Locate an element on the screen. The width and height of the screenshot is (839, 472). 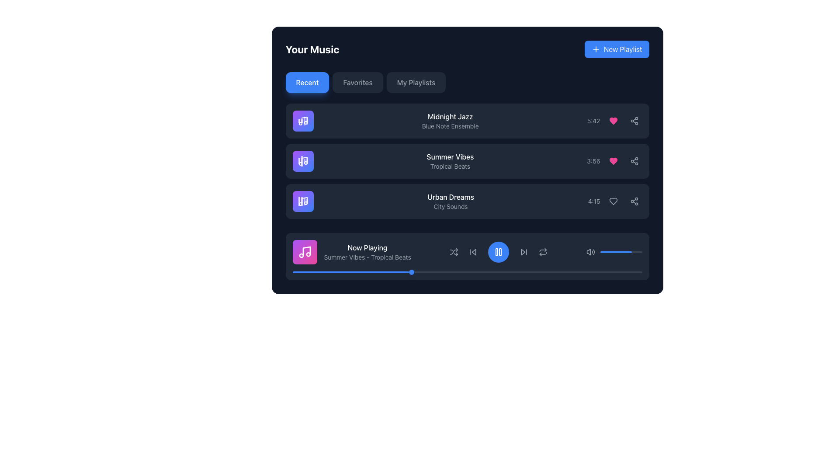
the heart icon to like or unlike the track 'Summer Vibes' in the music list, which is located to the right of the track's duration display is located at coordinates (613, 161).